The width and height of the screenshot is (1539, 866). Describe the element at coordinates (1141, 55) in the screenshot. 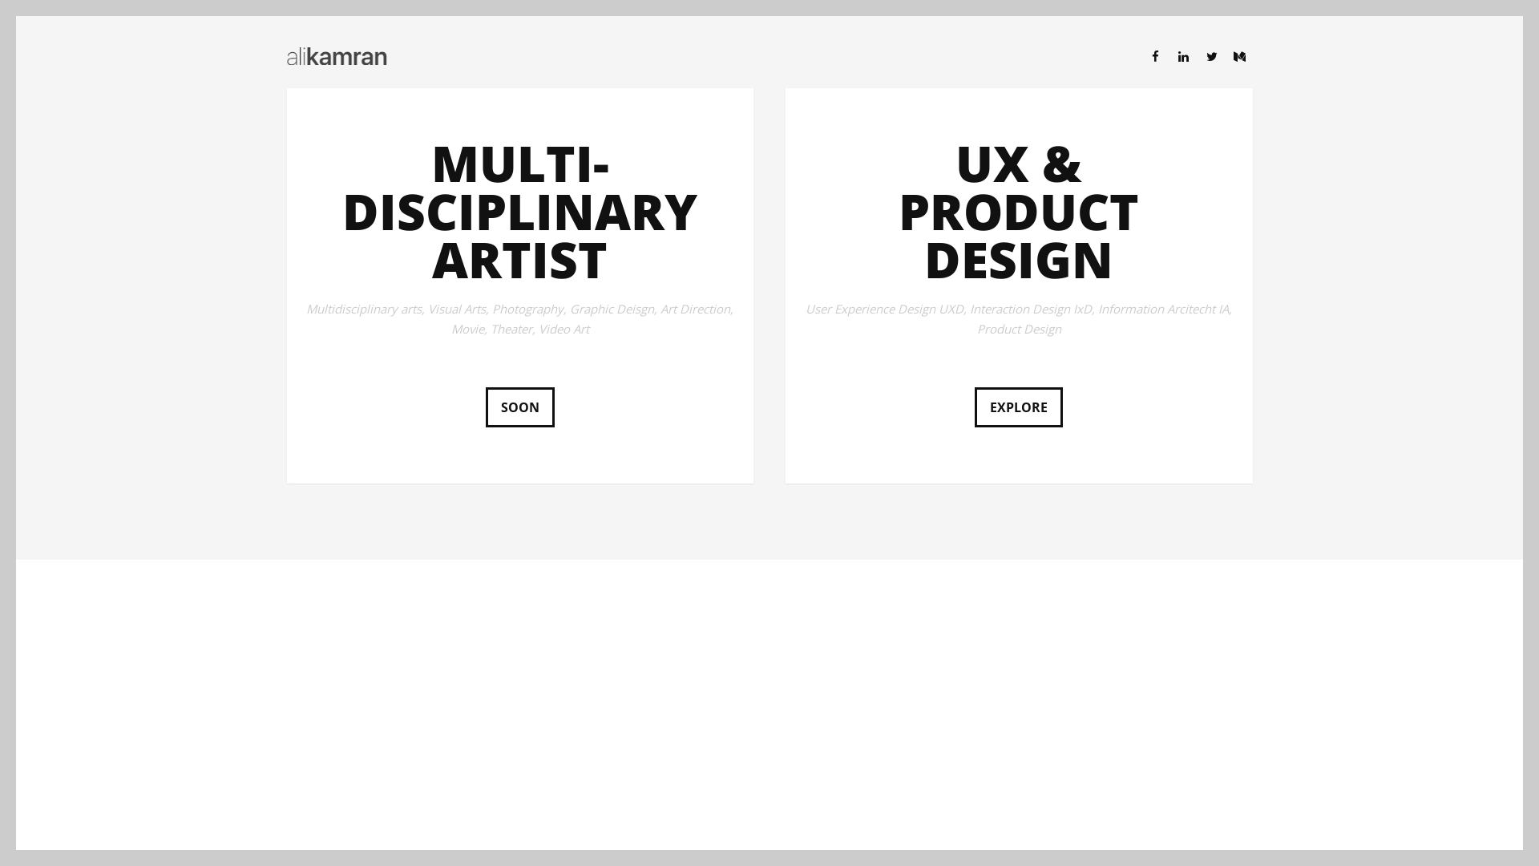

I see `'Facebook'` at that location.